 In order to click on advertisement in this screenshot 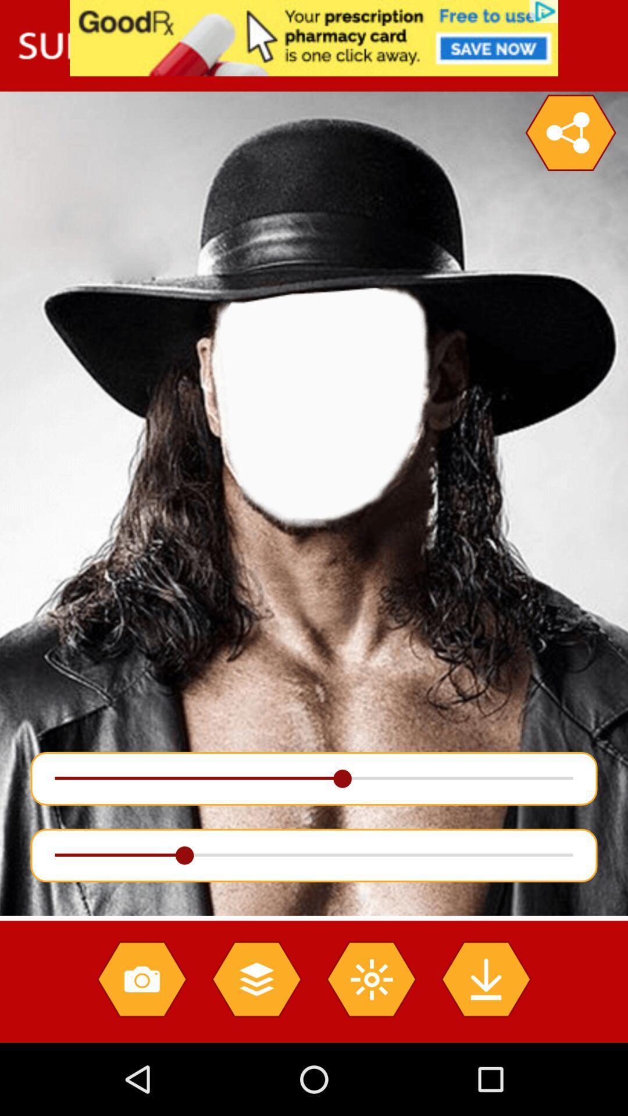, I will do `click(314, 38)`.